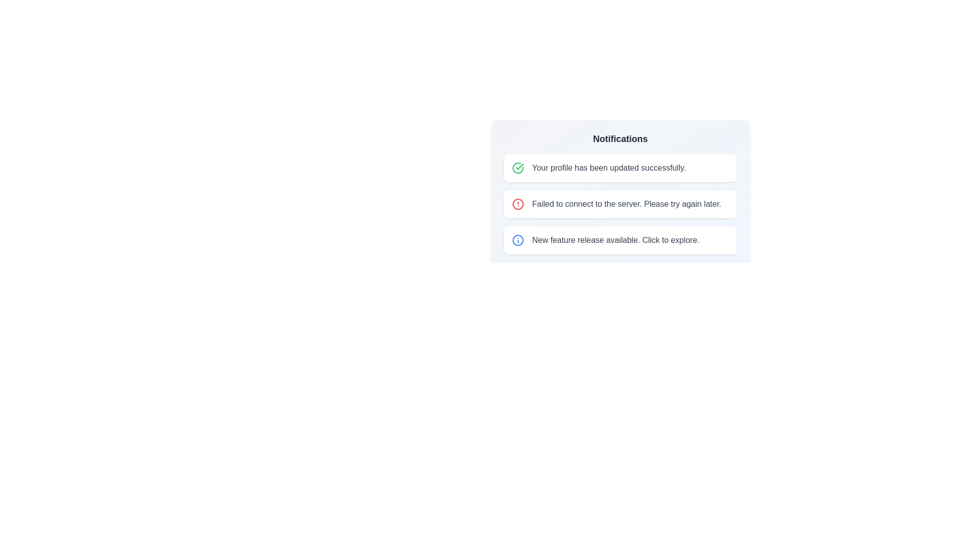 This screenshot has height=542, width=963. Describe the element at coordinates (518, 240) in the screenshot. I see `the circular component of the 'Notification' icon located within the third notification message in the vertical list on the right side of the interface` at that location.